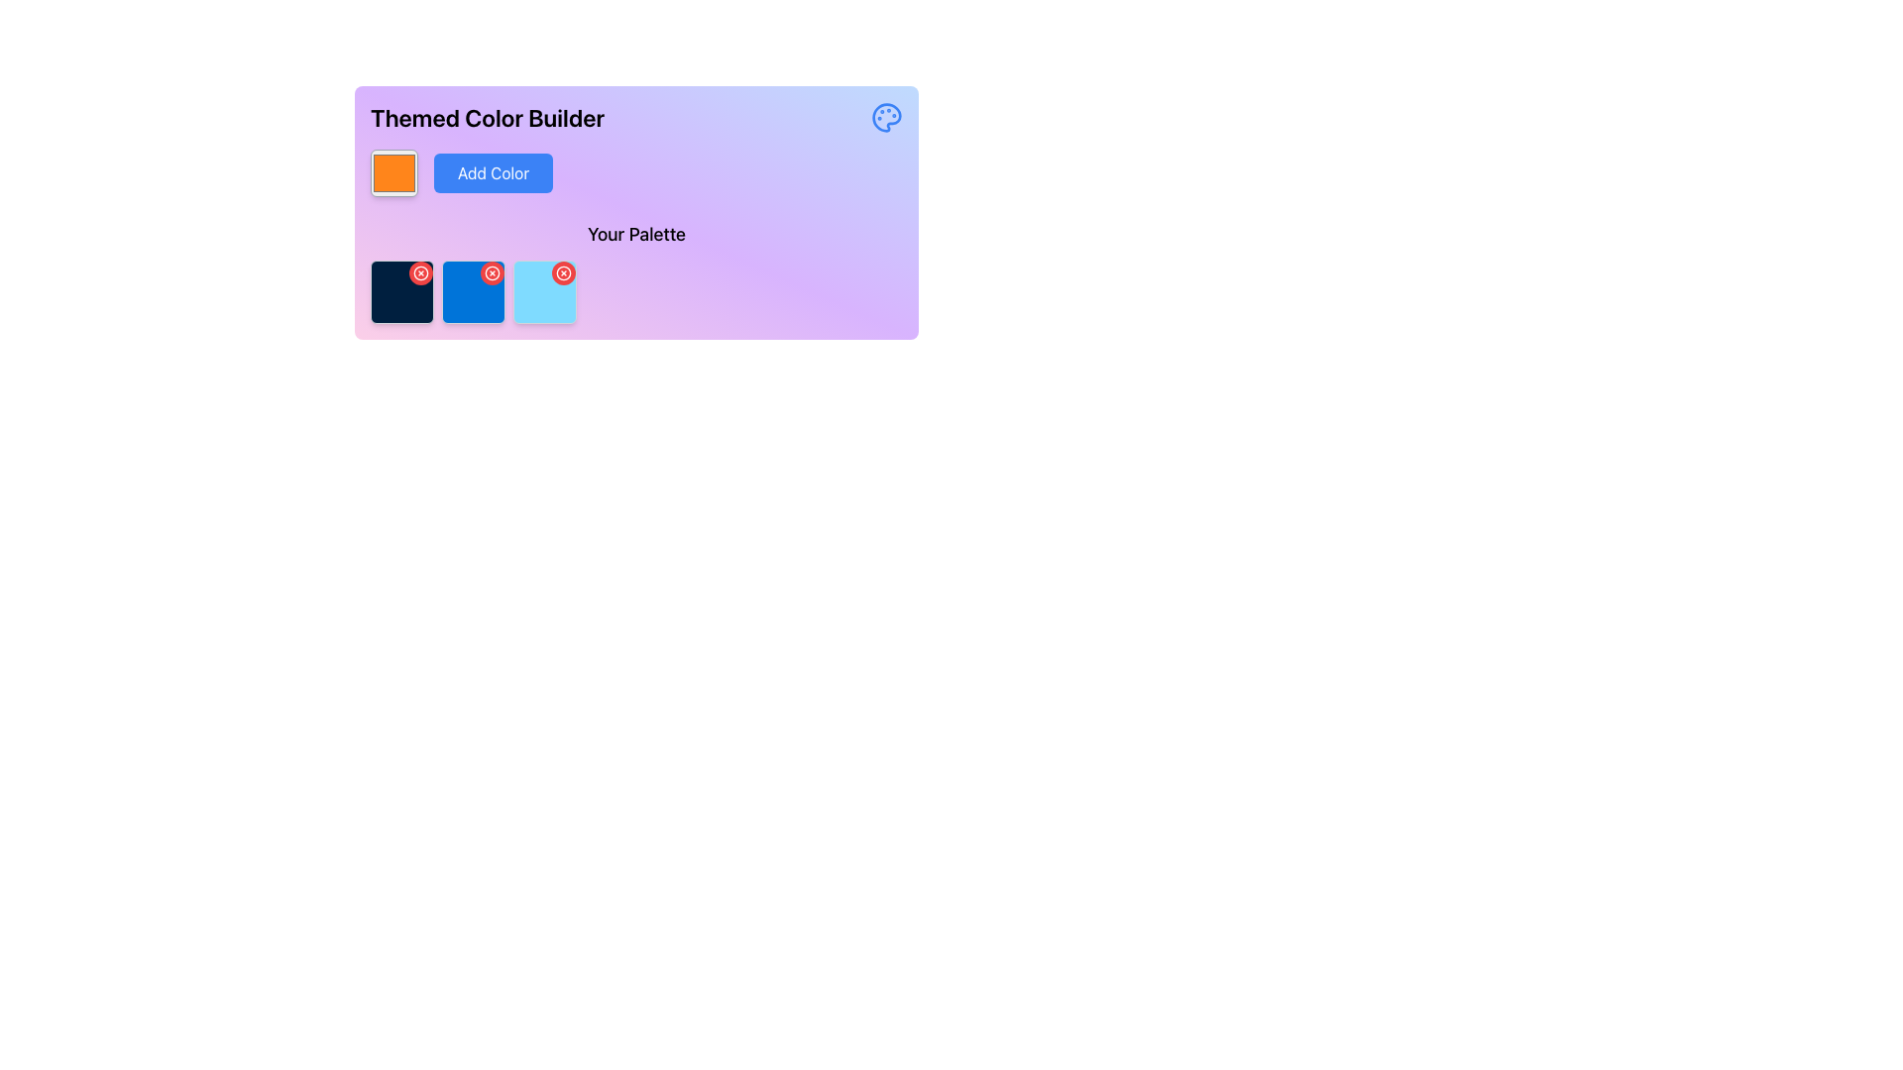 Image resolution: width=1903 pixels, height=1070 pixels. What do you see at coordinates (563, 273) in the screenshot?
I see `the small circular gray button with a red 'x' icon located in the top-right corner of the middle color block in the color palette` at bounding box center [563, 273].